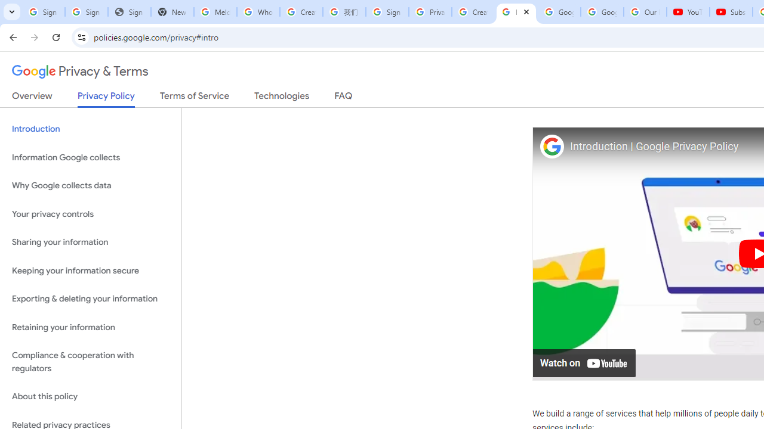 The height and width of the screenshot is (429, 764). I want to click on 'Compliance & cooperation with regulators', so click(90, 362).